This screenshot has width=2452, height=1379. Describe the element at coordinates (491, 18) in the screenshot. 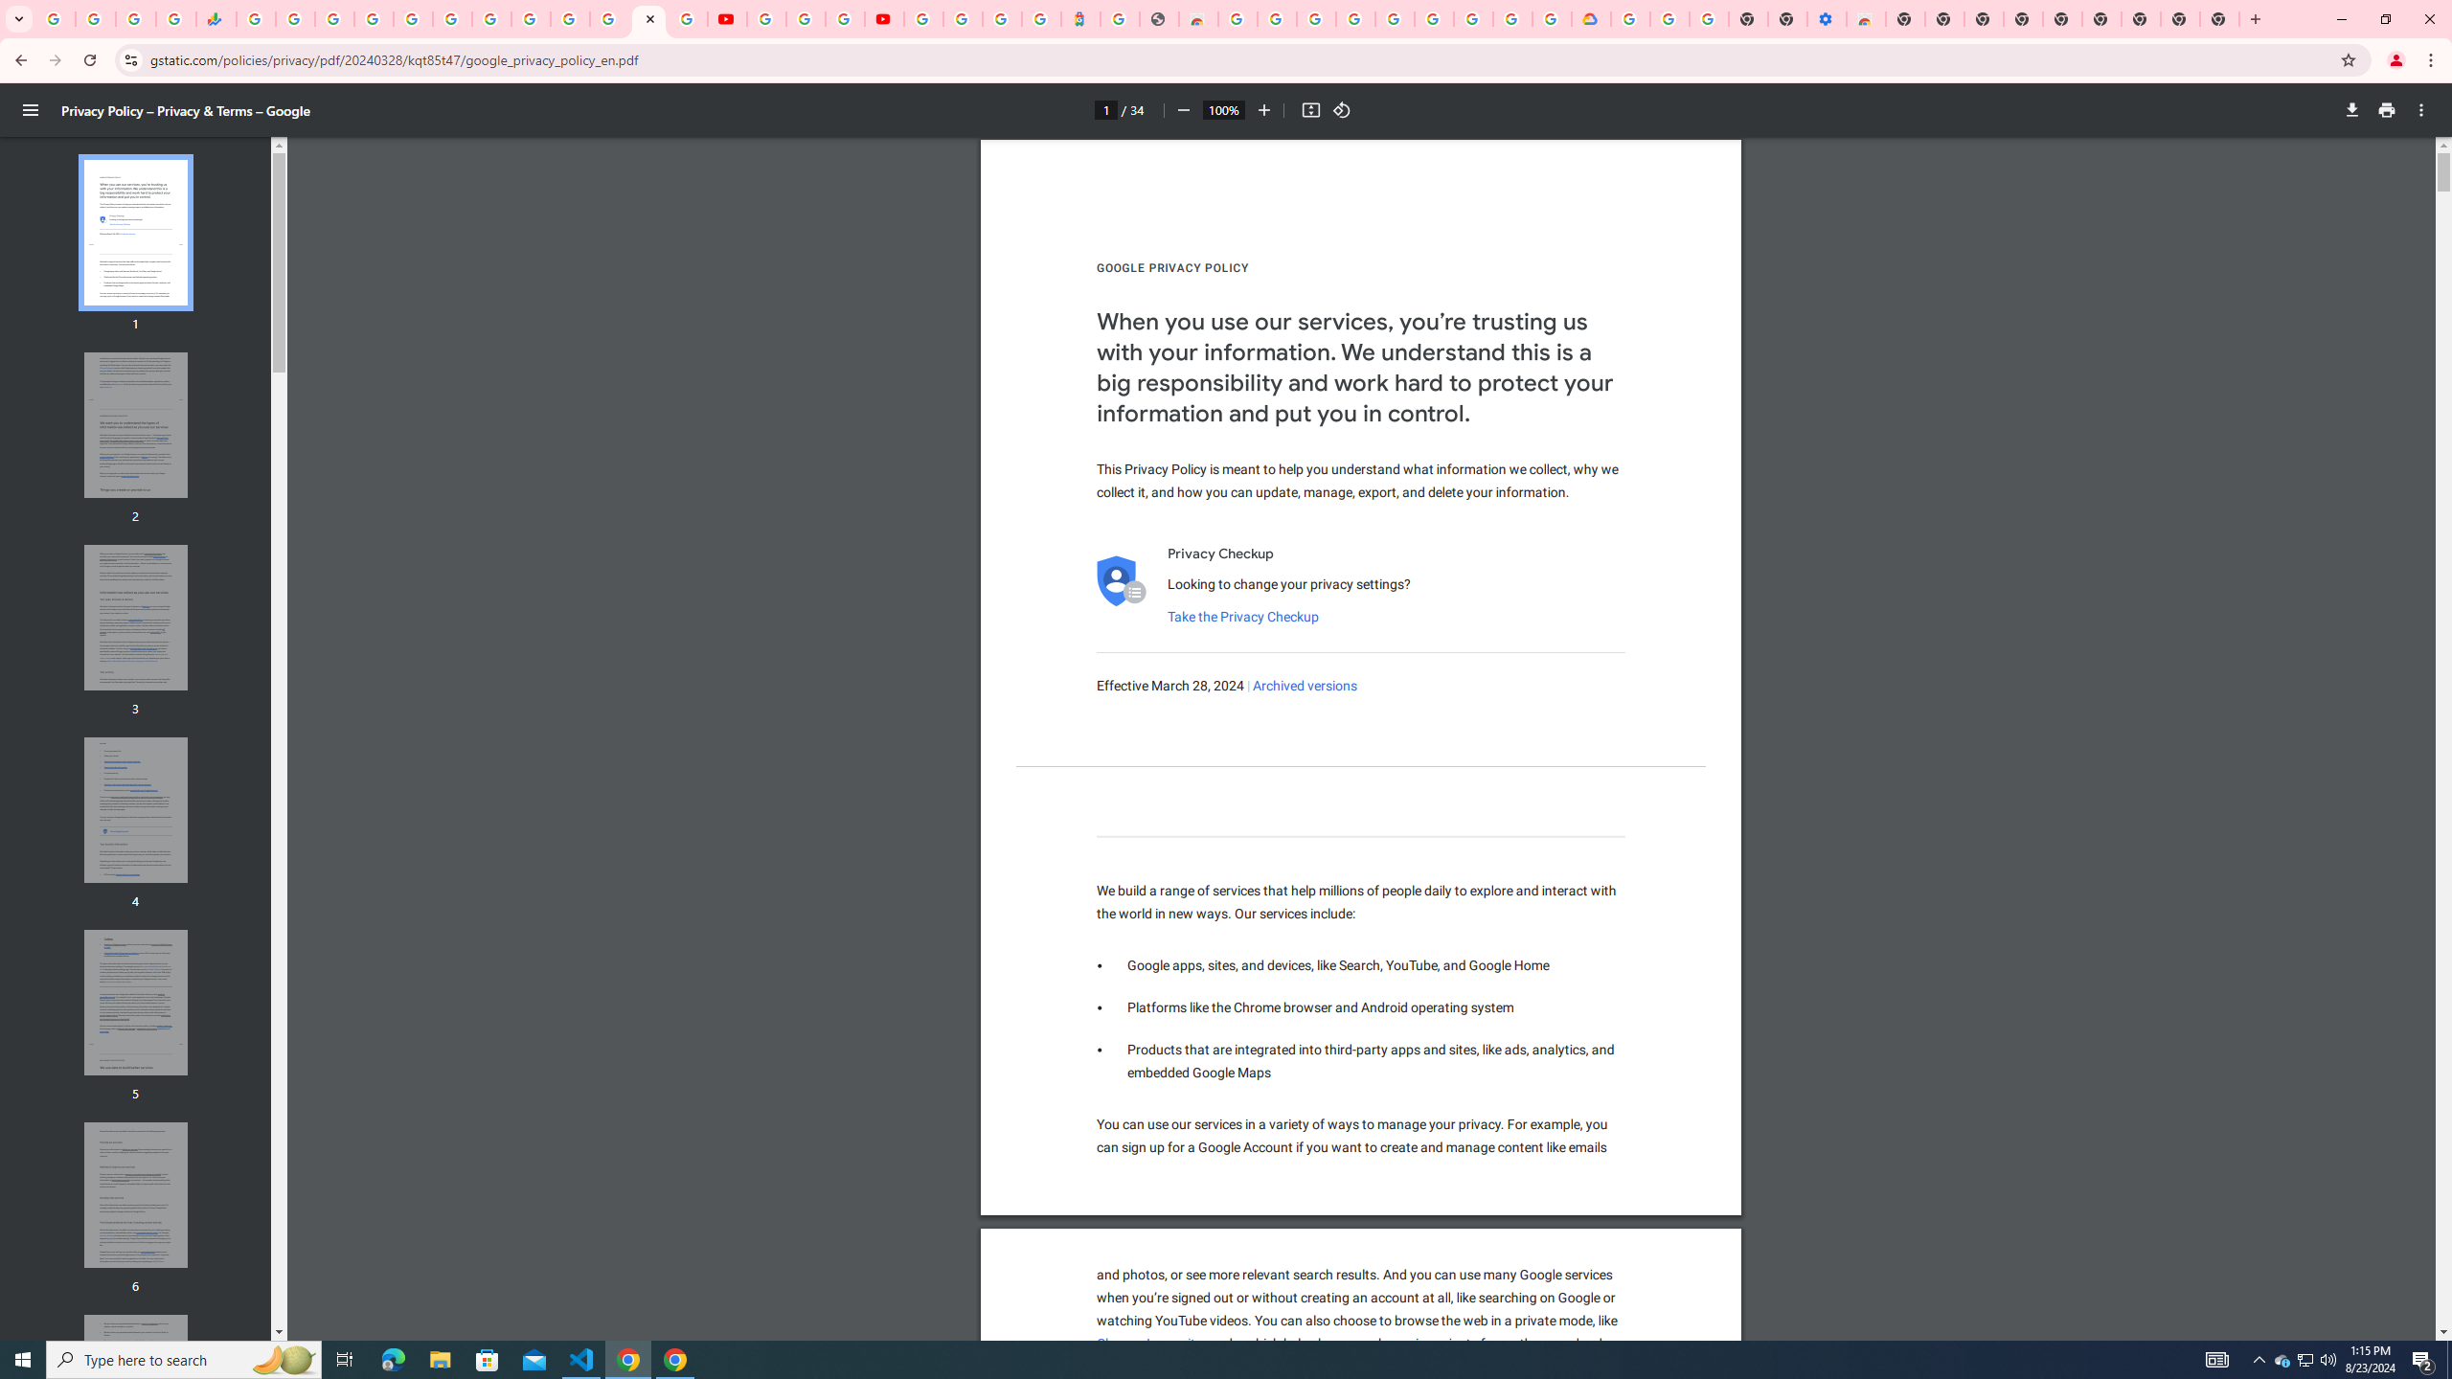

I see `'Android TV Policies and Guidelines - Transparency Center'` at that location.